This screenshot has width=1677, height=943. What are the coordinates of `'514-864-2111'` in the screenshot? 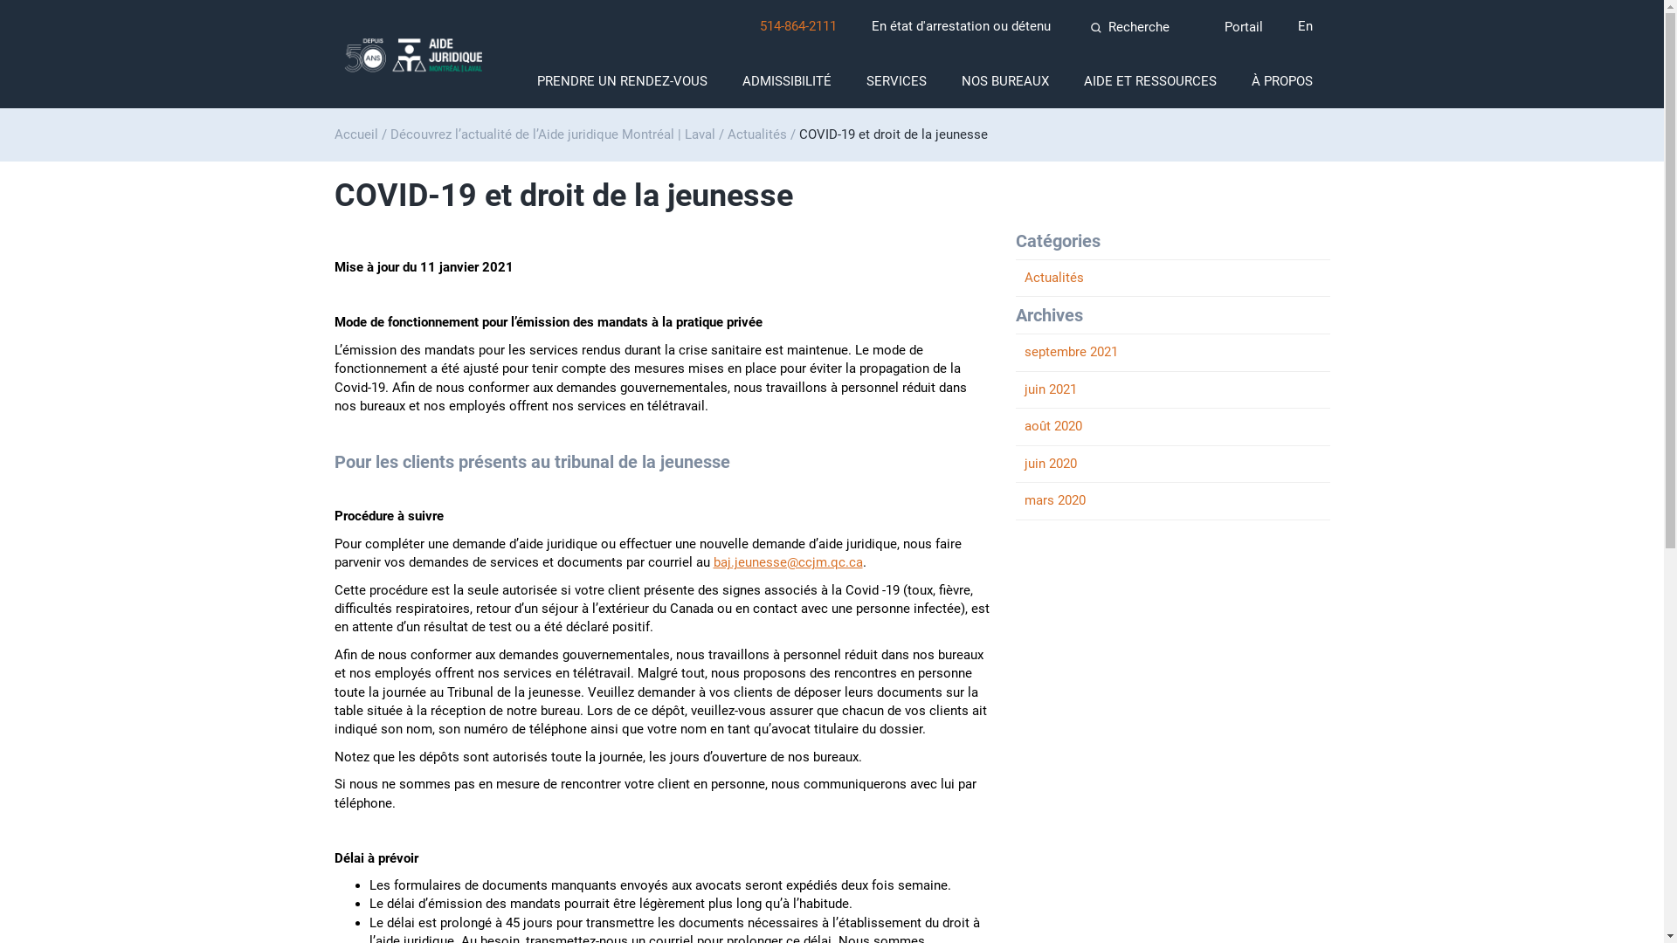 It's located at (759, 26).